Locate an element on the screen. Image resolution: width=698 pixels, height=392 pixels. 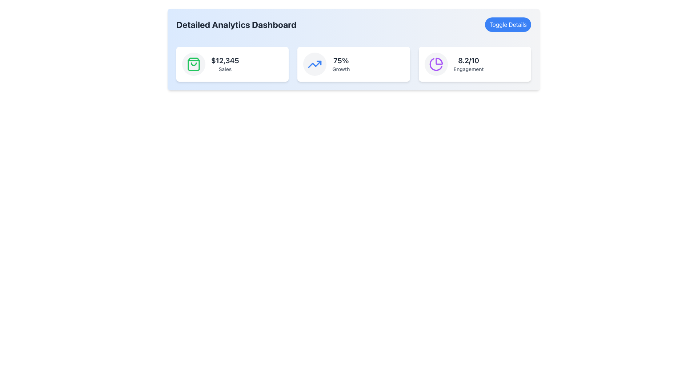
rating '8.2/10' and label 'Engagement' from the text block located at the rightmost position of the card group is located at coordinates (469, 64).